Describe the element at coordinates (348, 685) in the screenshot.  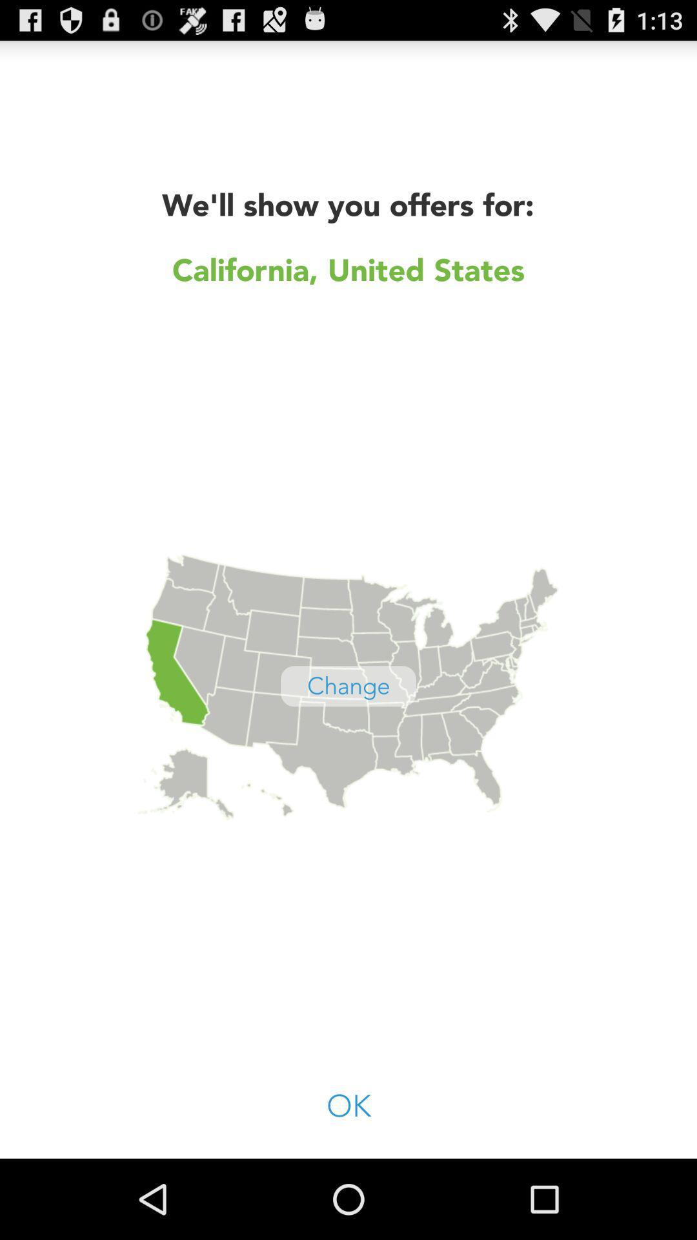
I see `the change item` at that location.